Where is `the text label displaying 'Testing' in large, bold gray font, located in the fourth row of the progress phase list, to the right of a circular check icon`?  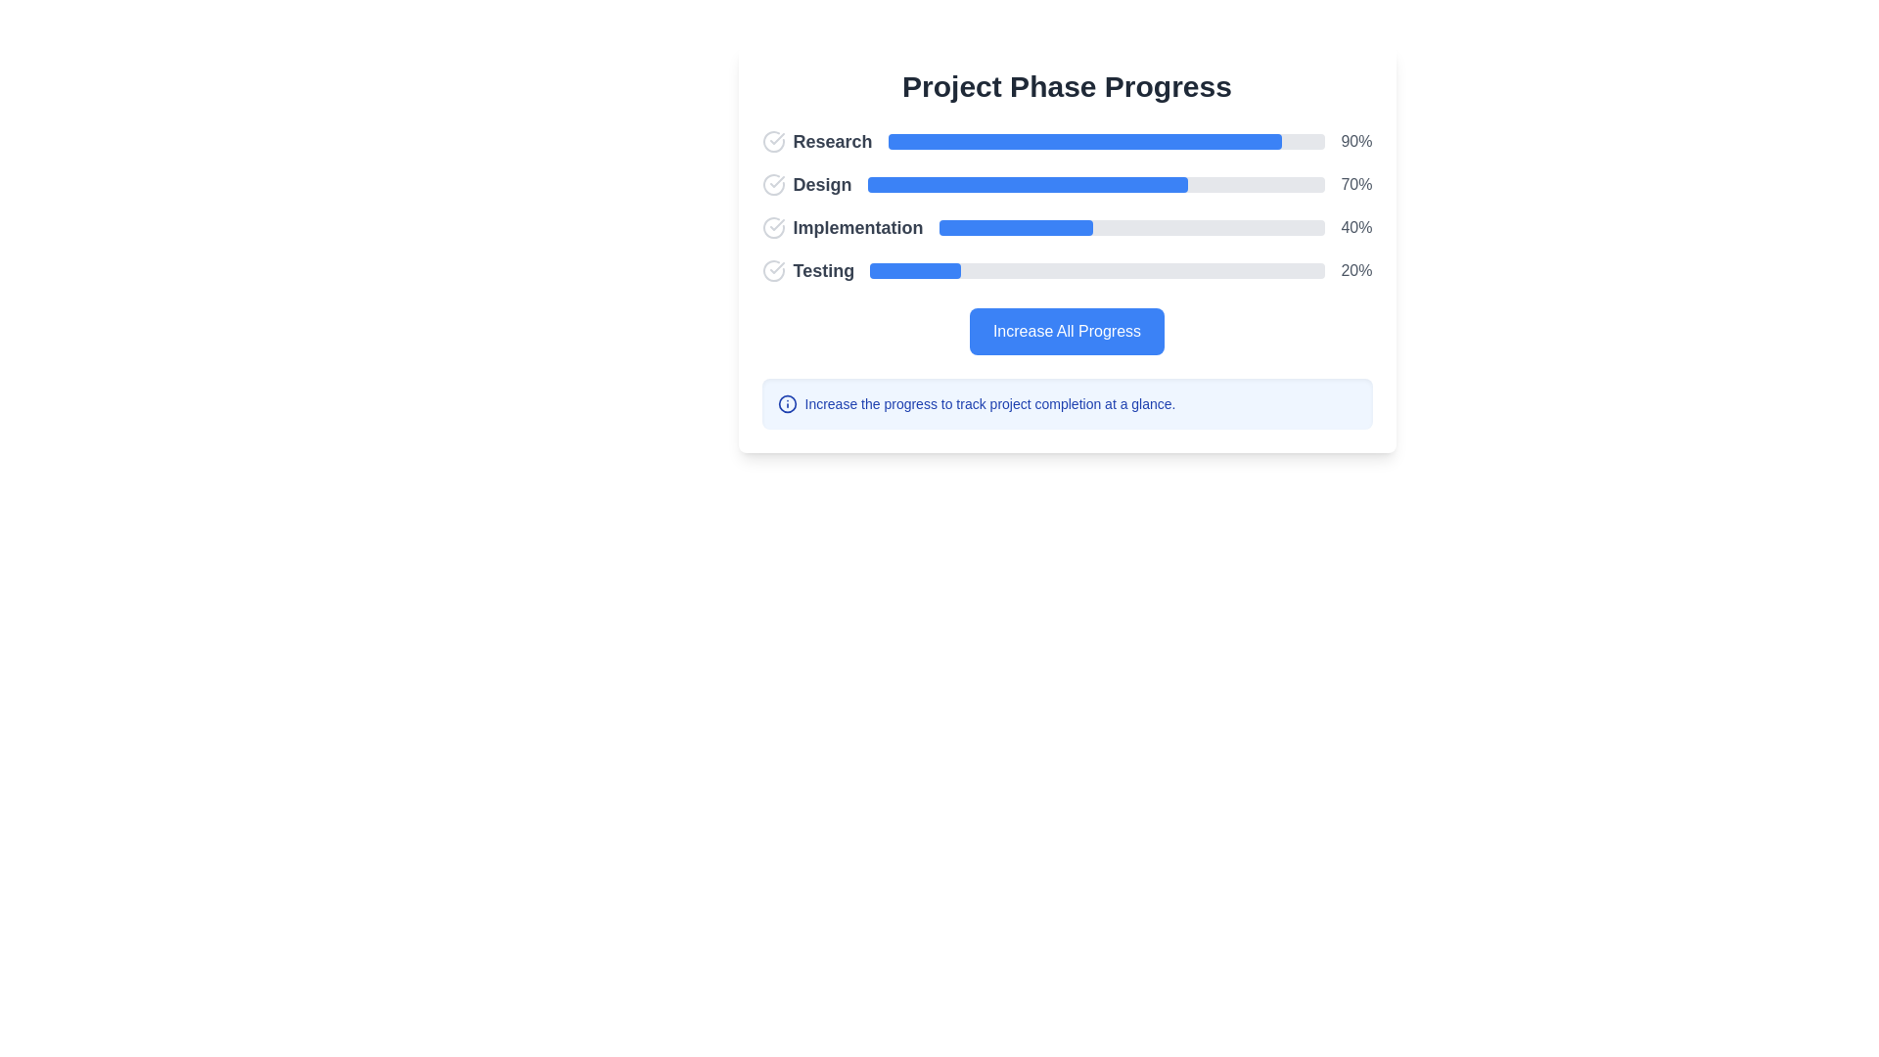 the text label displaying 'Testing' in large, bold gray font, located in the fourth row of the progress phase list, to the right of a circular check icon is located at coordinates (823, 271).